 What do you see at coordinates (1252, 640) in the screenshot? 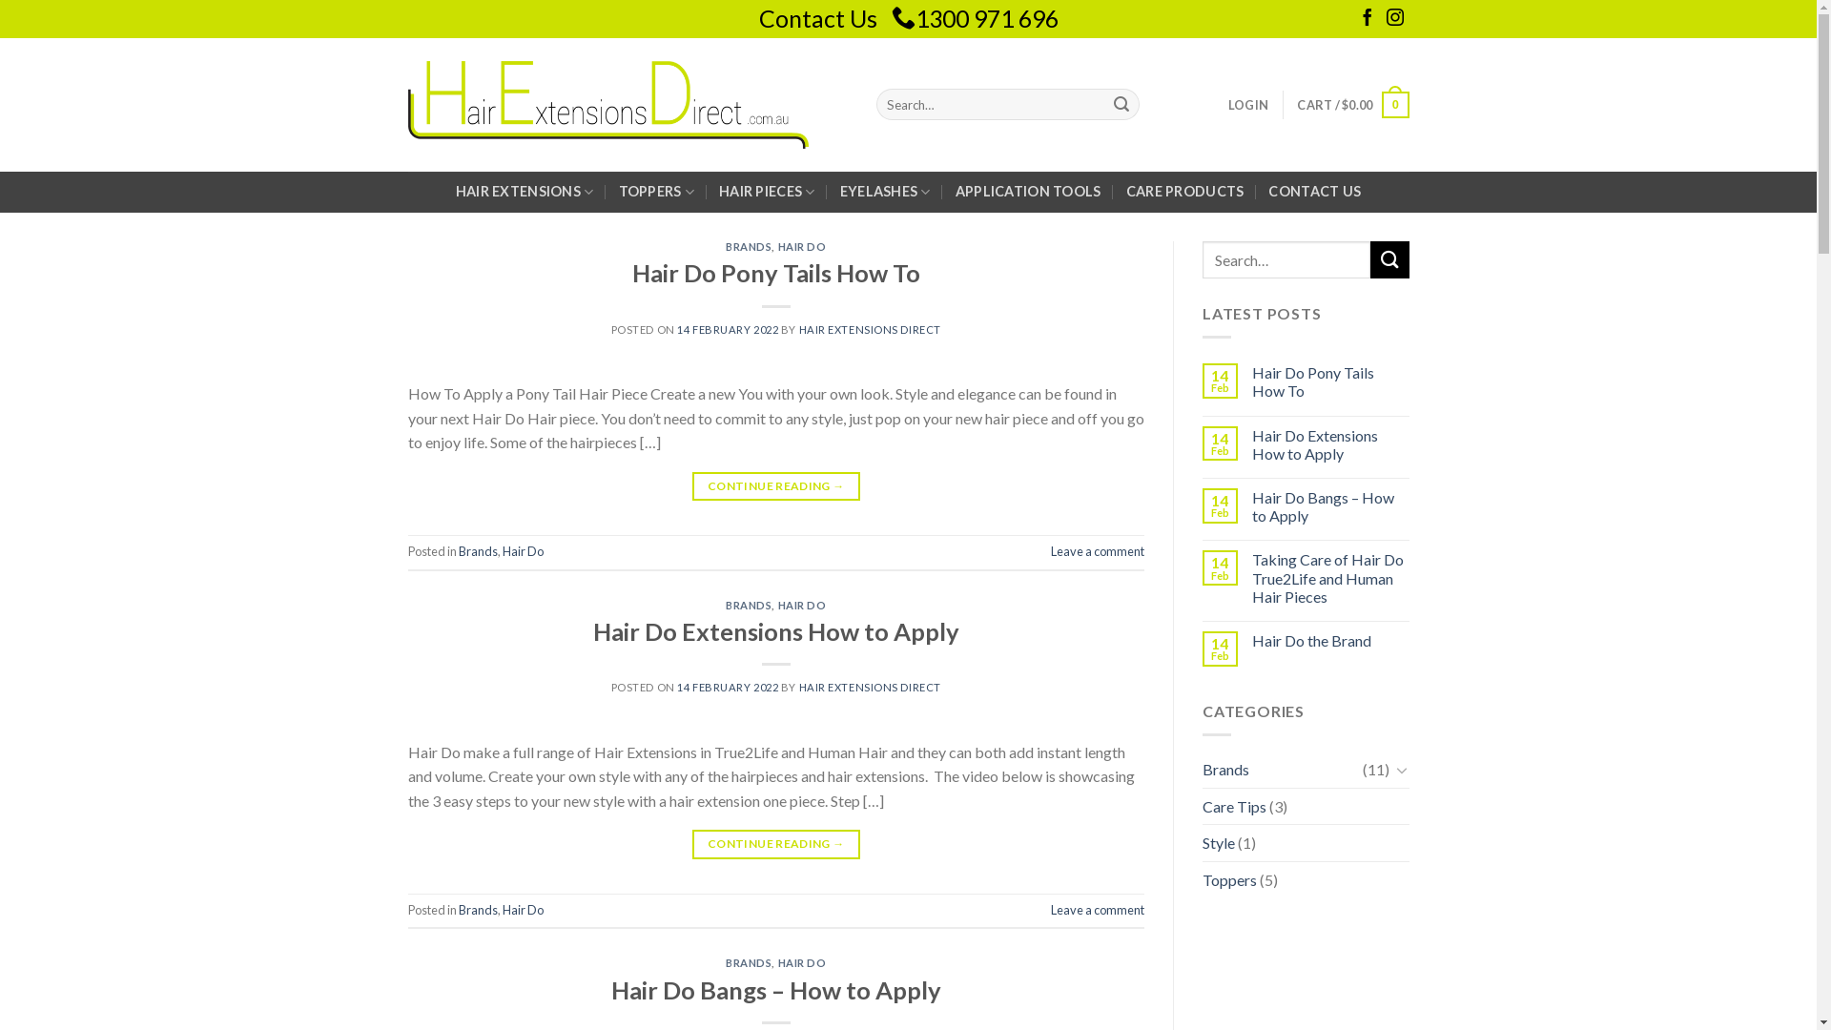
I see `'Hair Do the Brand'` at bounding box center [1252, 640].